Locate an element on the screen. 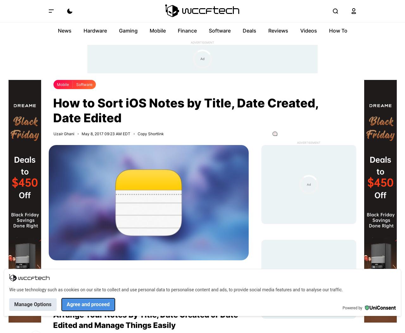  'News' is located at coordinates (64, 30).